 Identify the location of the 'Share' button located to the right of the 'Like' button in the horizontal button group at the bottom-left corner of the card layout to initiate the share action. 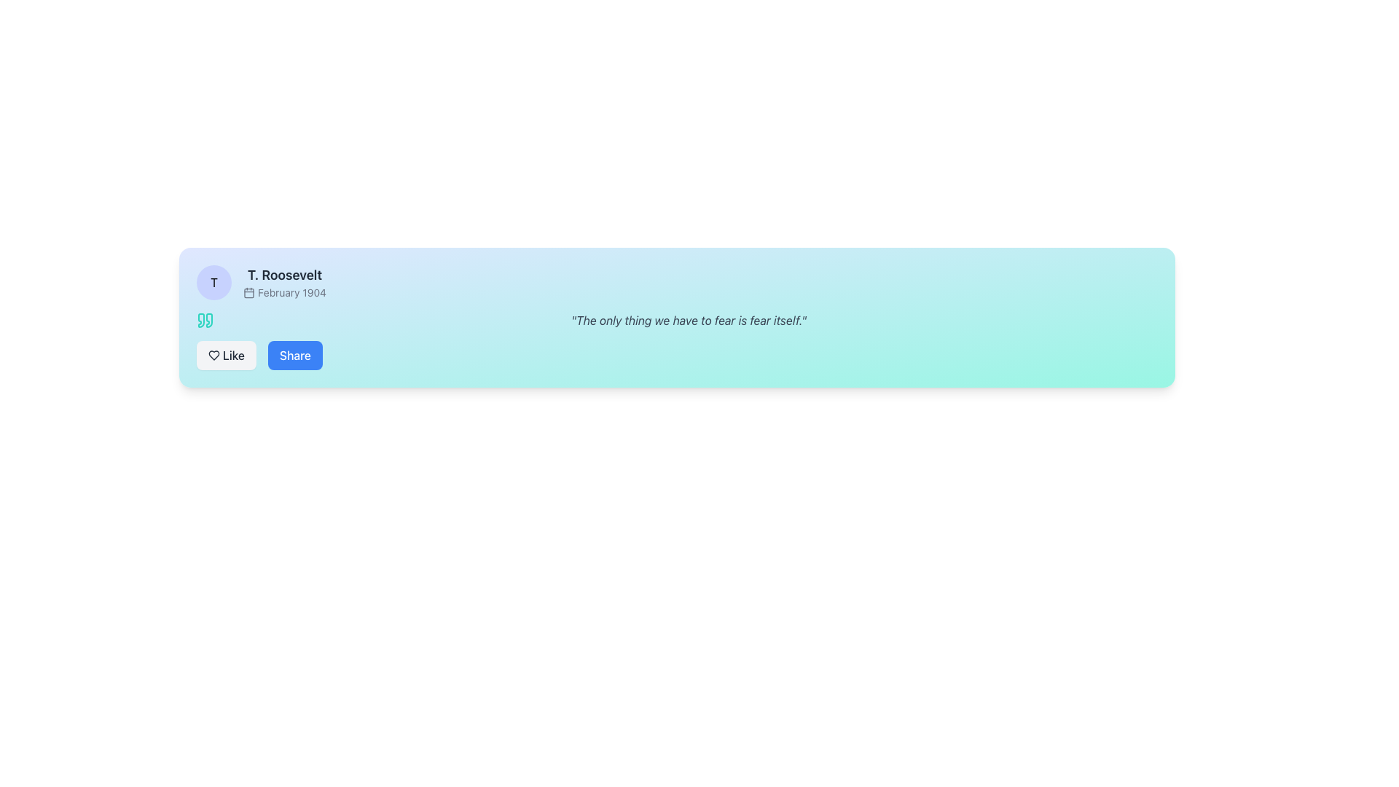
(294, 356).